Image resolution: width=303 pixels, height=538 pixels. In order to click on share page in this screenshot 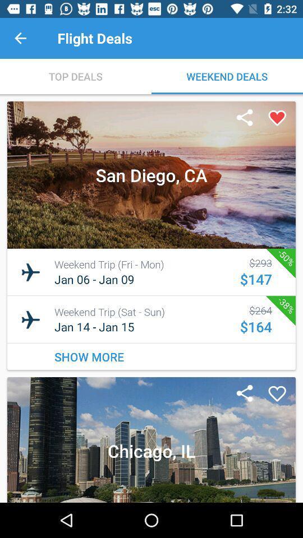, I will do `click(244, 118)`.